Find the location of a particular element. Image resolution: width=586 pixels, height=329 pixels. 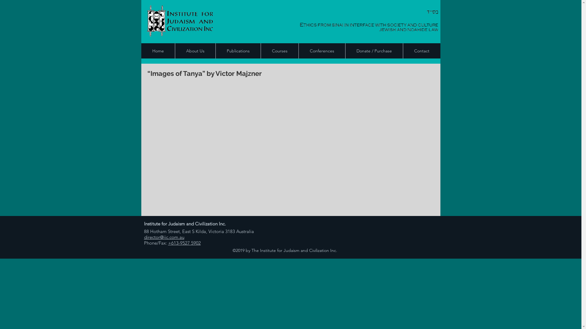

'Home' is located at coordinates (158, 50).